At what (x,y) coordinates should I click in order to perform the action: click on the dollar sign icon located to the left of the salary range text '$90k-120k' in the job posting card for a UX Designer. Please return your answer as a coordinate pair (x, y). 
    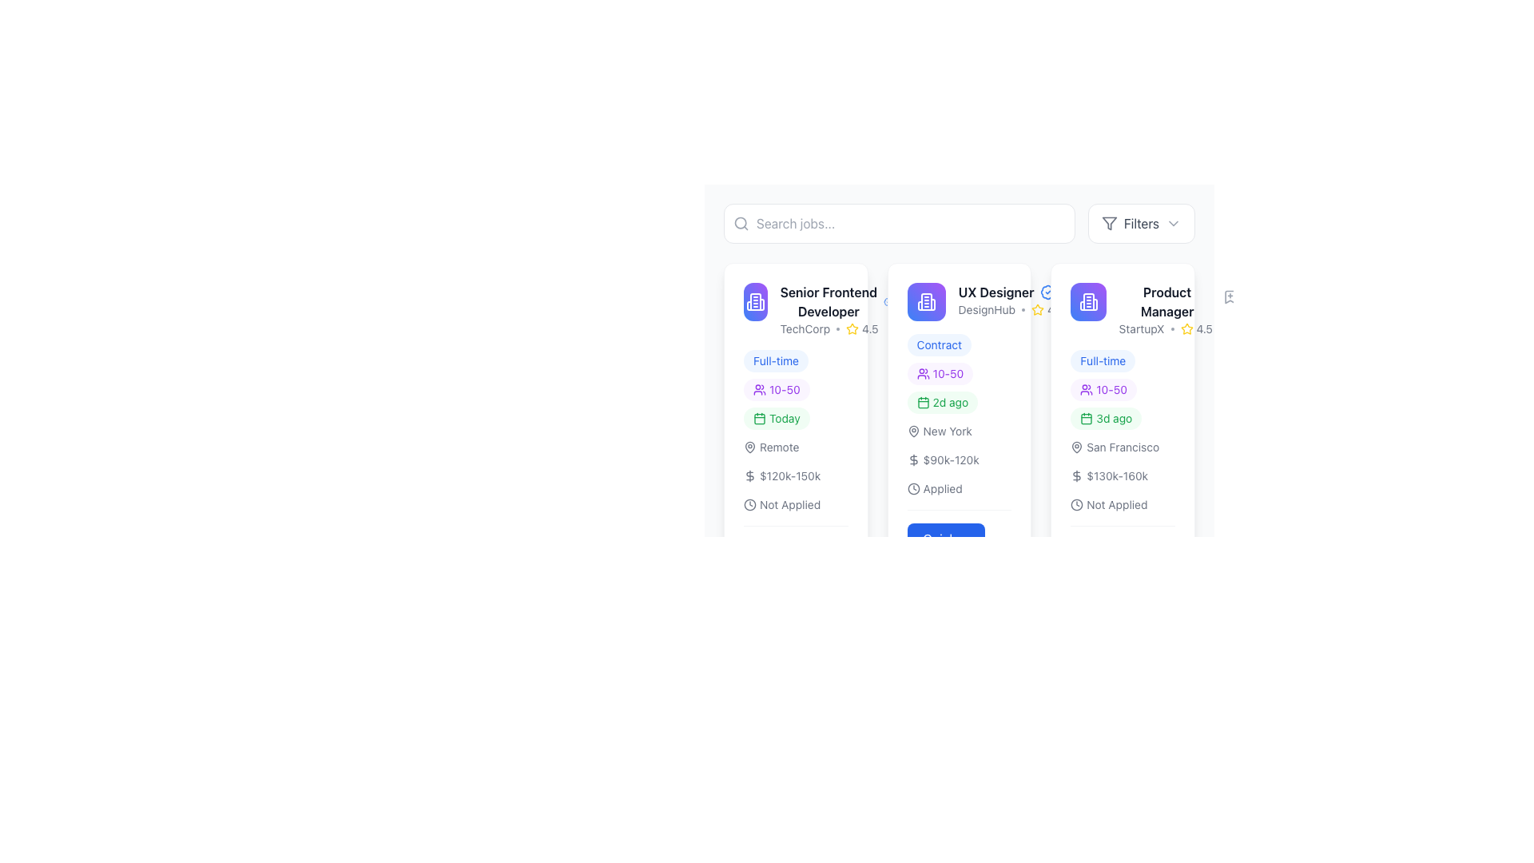
    Looking at the image, I should click on (913, 459).